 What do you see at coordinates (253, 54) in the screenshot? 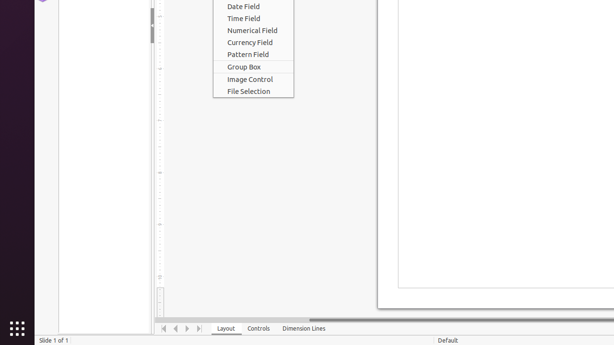
I see `'Pattern Field'` at bounding box center [253, 54].